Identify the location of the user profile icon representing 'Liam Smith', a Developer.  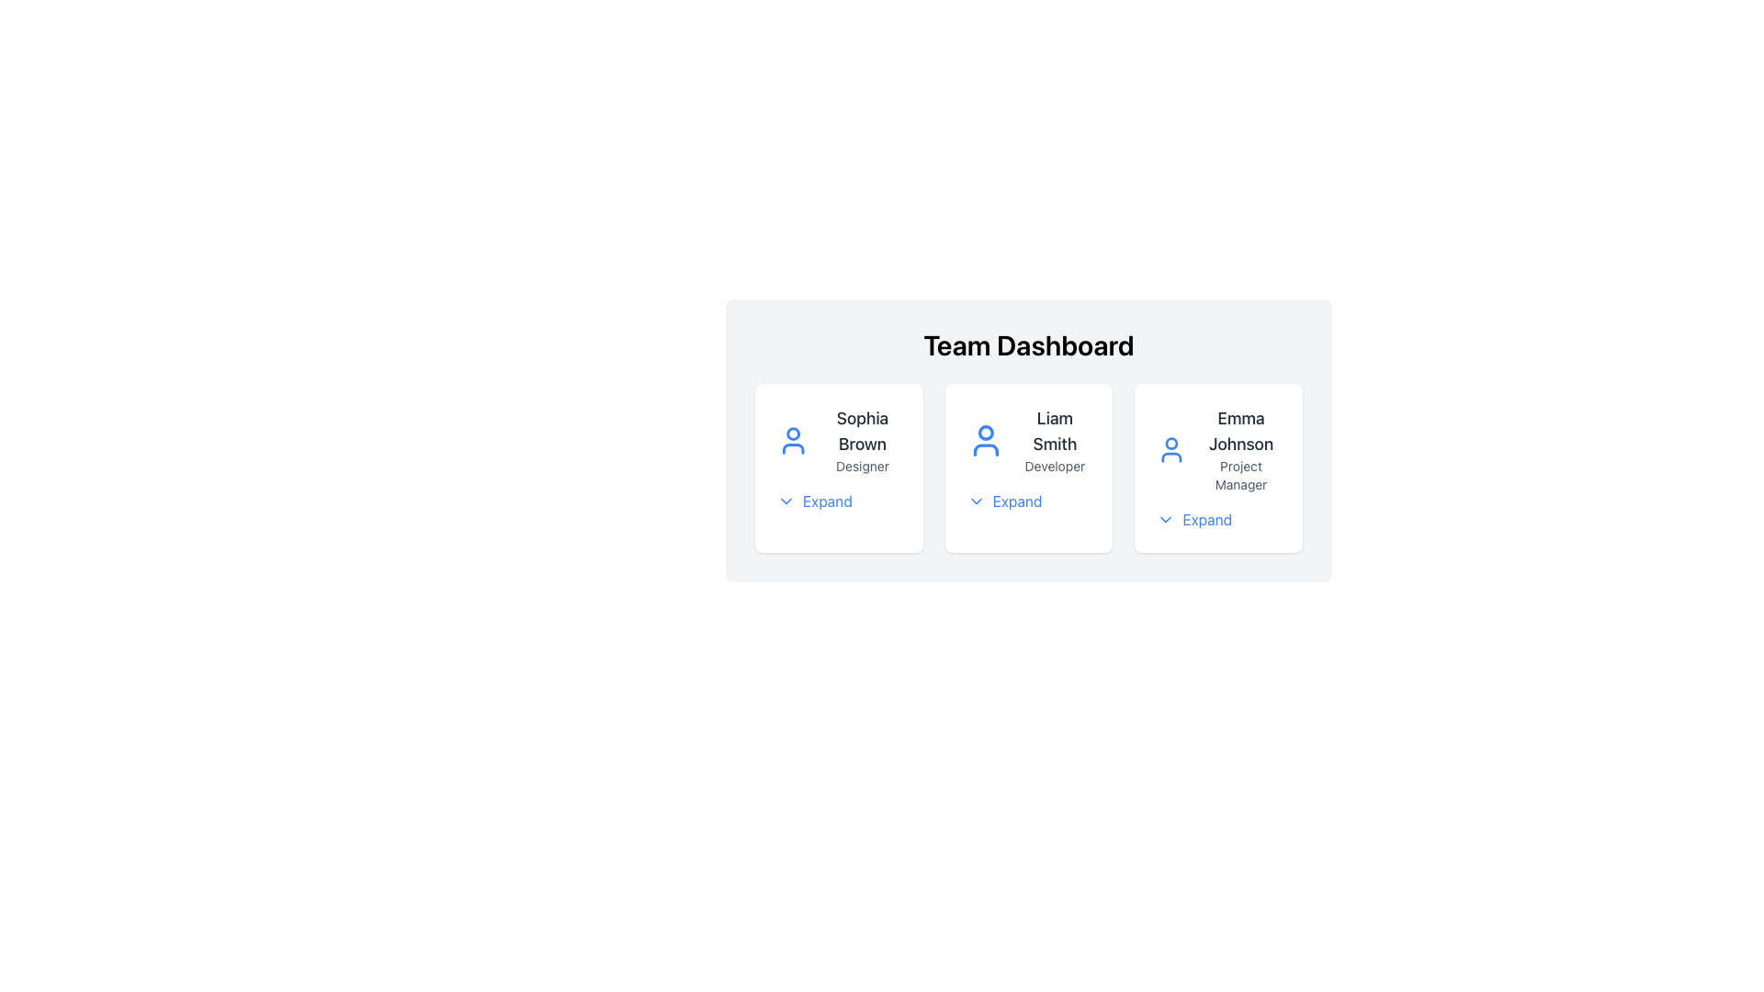
(985, 440).